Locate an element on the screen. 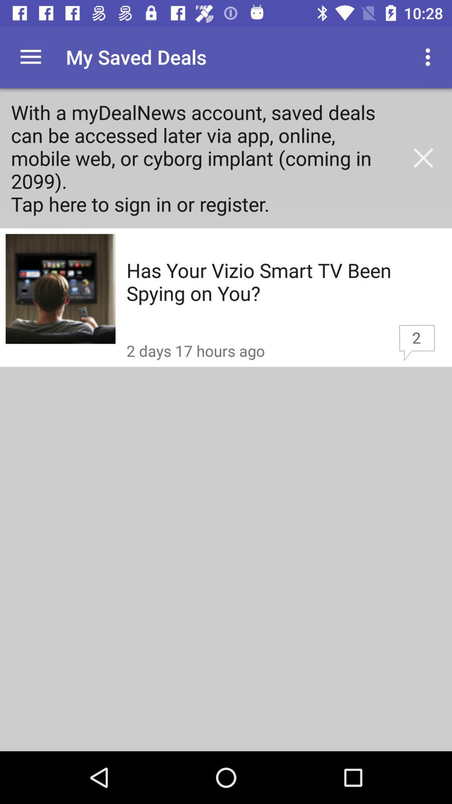 The image size is (452, 804). item to the right of the with a mydealnews item is located at coordinates (423, 158).